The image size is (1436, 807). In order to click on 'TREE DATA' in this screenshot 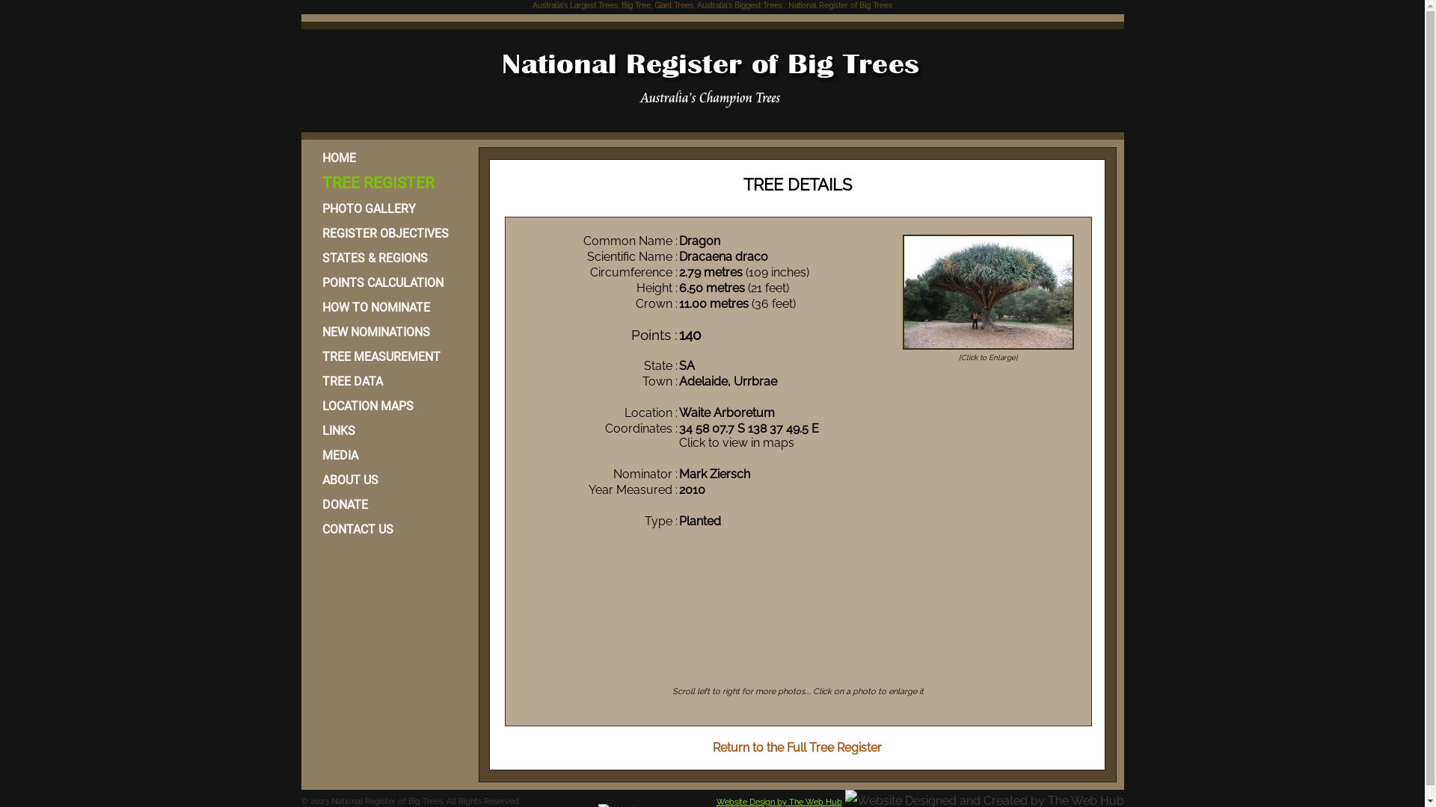, I will do `click(387, 380)`.